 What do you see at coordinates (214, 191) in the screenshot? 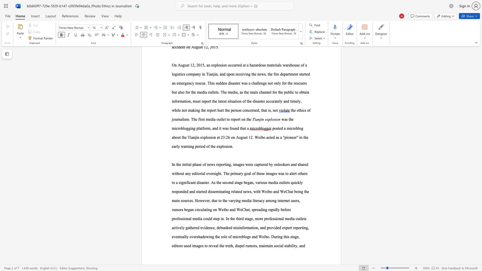
I see `the subset text "eminat" within the text "disseminating"` at bounding box center [214, 191].